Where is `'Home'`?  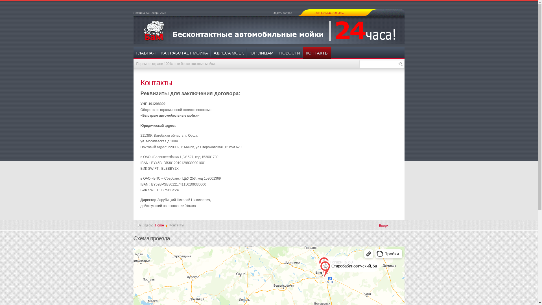 'Home' is located at coordinates (159, 225).